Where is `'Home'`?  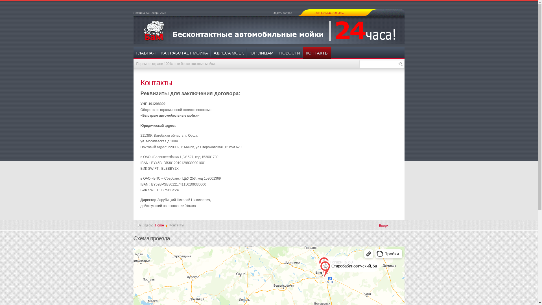 'Home' is located at coordinates (159, 225).